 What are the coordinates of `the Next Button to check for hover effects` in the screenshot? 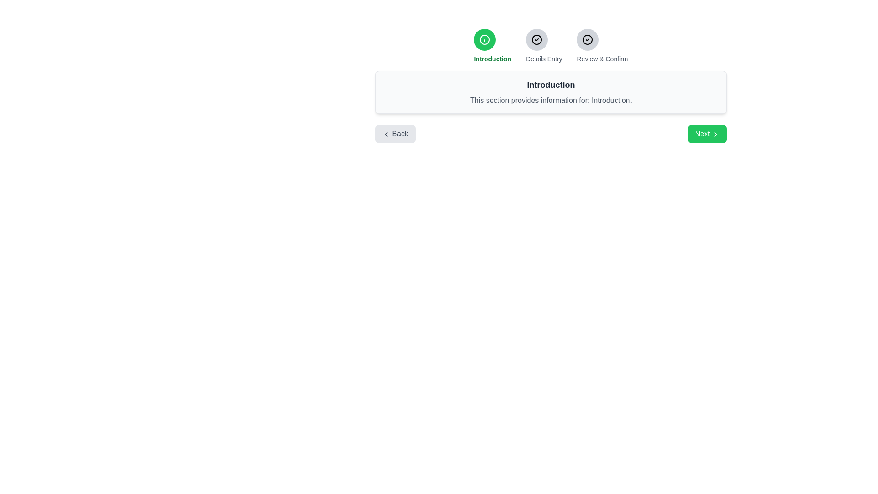 It's located at (707, 134).